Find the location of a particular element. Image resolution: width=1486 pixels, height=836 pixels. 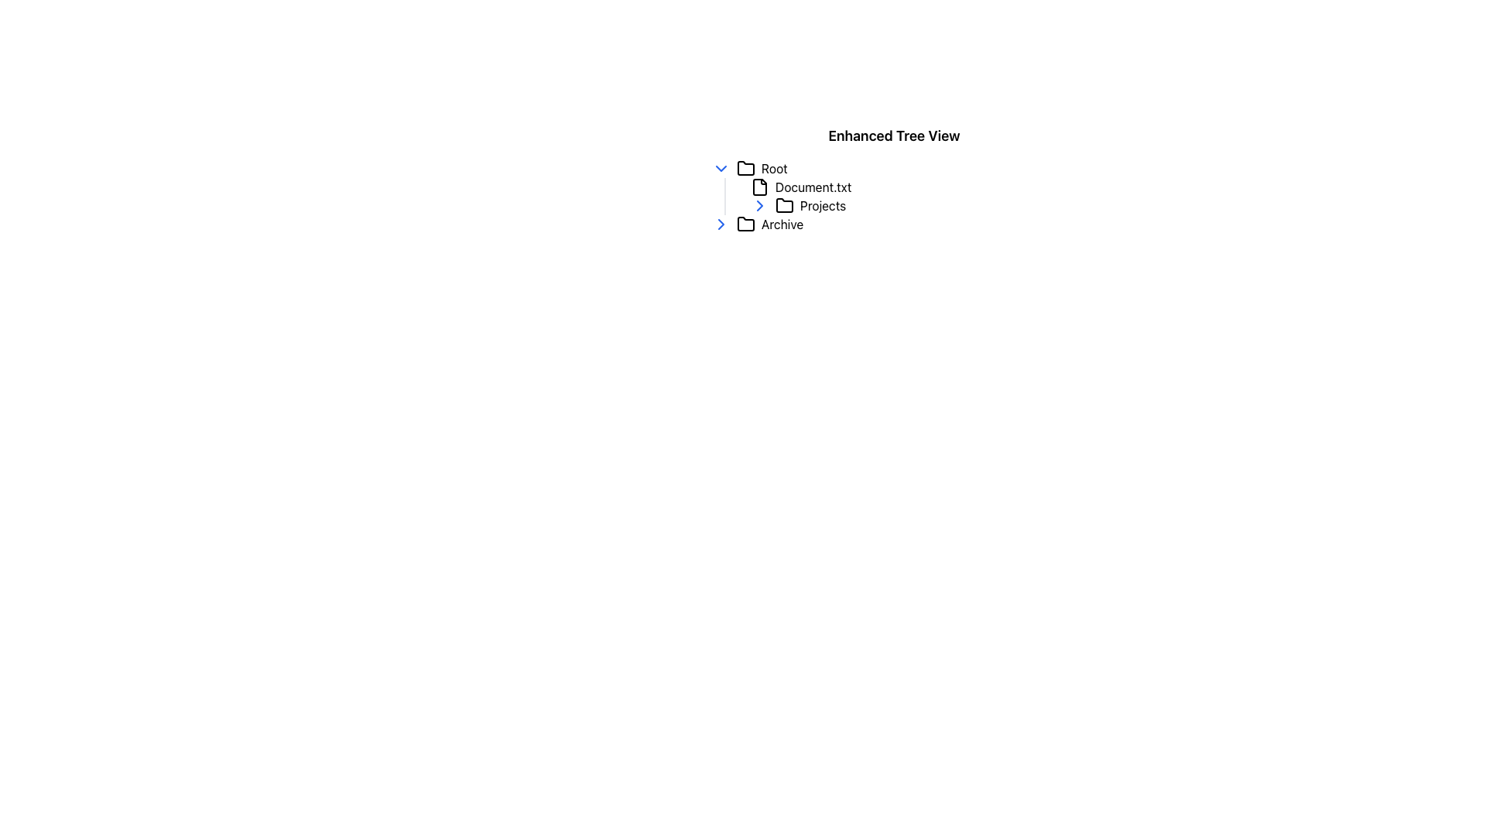

the folder icon located to the left of the text 'Projects' is located at coordinates (784, 205).